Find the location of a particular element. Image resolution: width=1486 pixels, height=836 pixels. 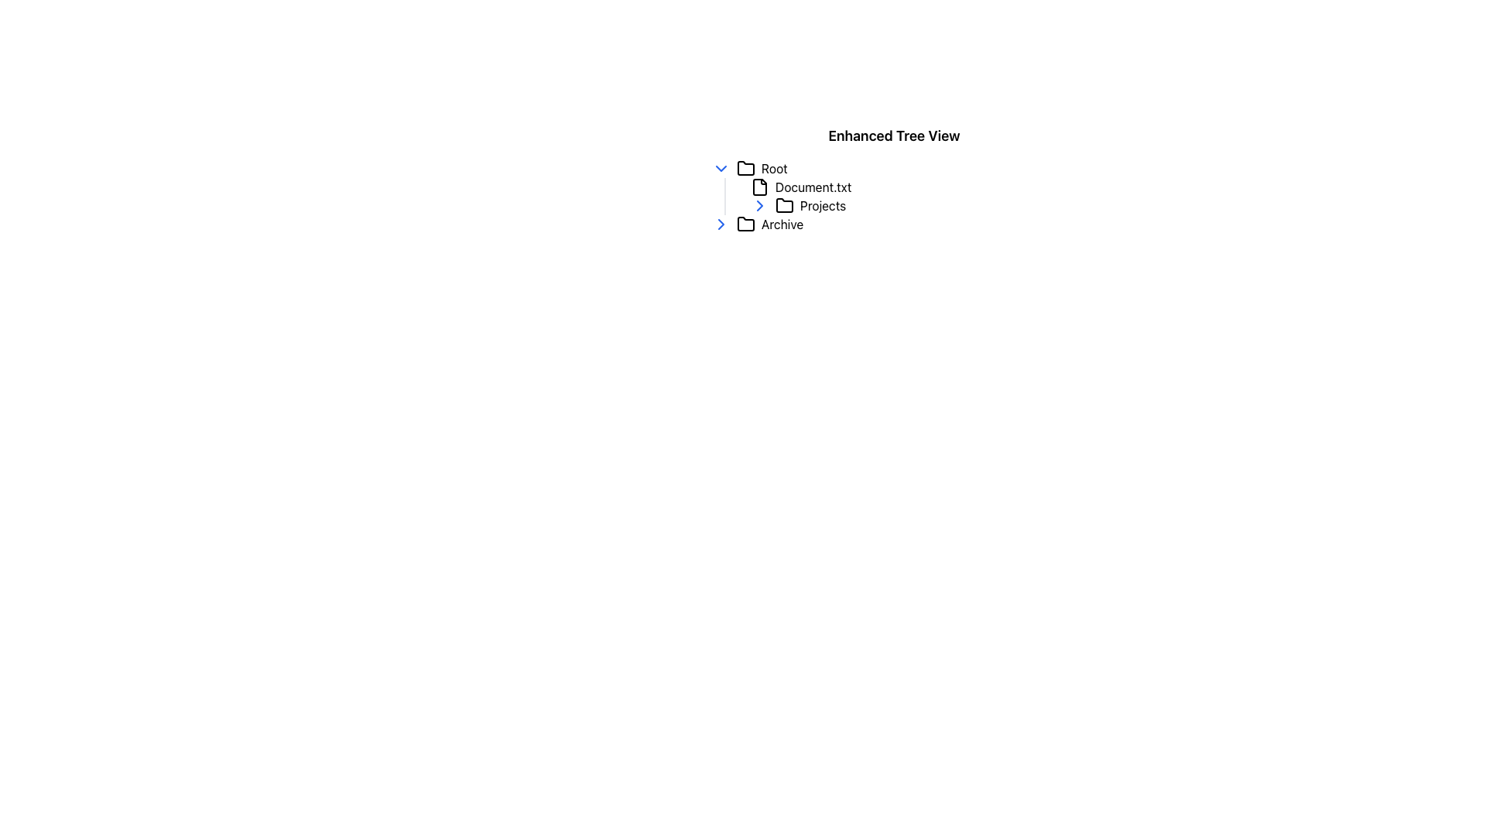

the folder icon located to the left of the text 'Projects' is located at coordinates (784, 205).